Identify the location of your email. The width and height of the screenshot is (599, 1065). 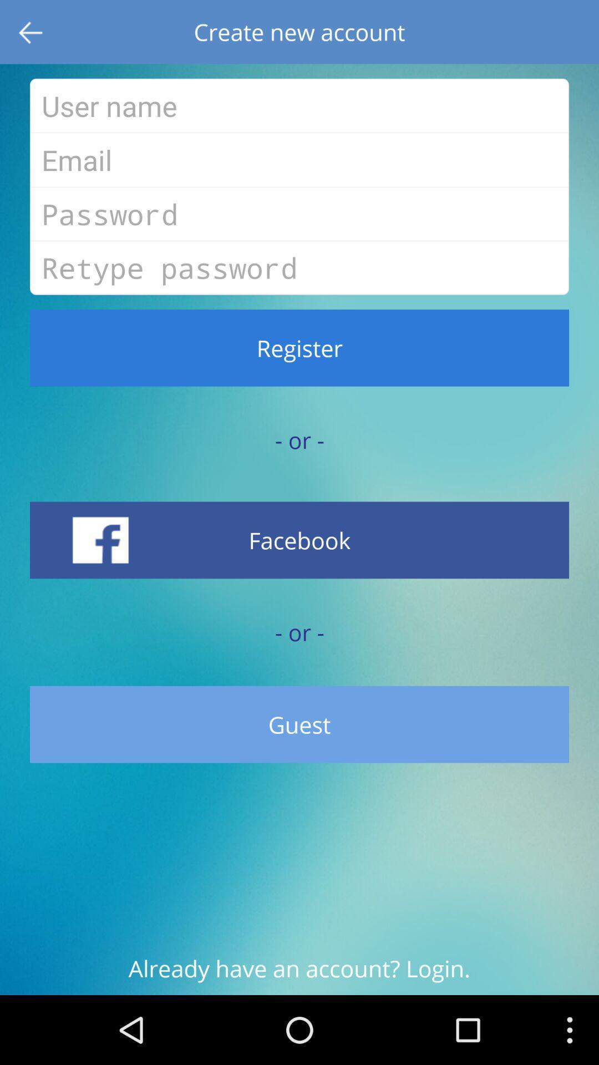
(299, 159).